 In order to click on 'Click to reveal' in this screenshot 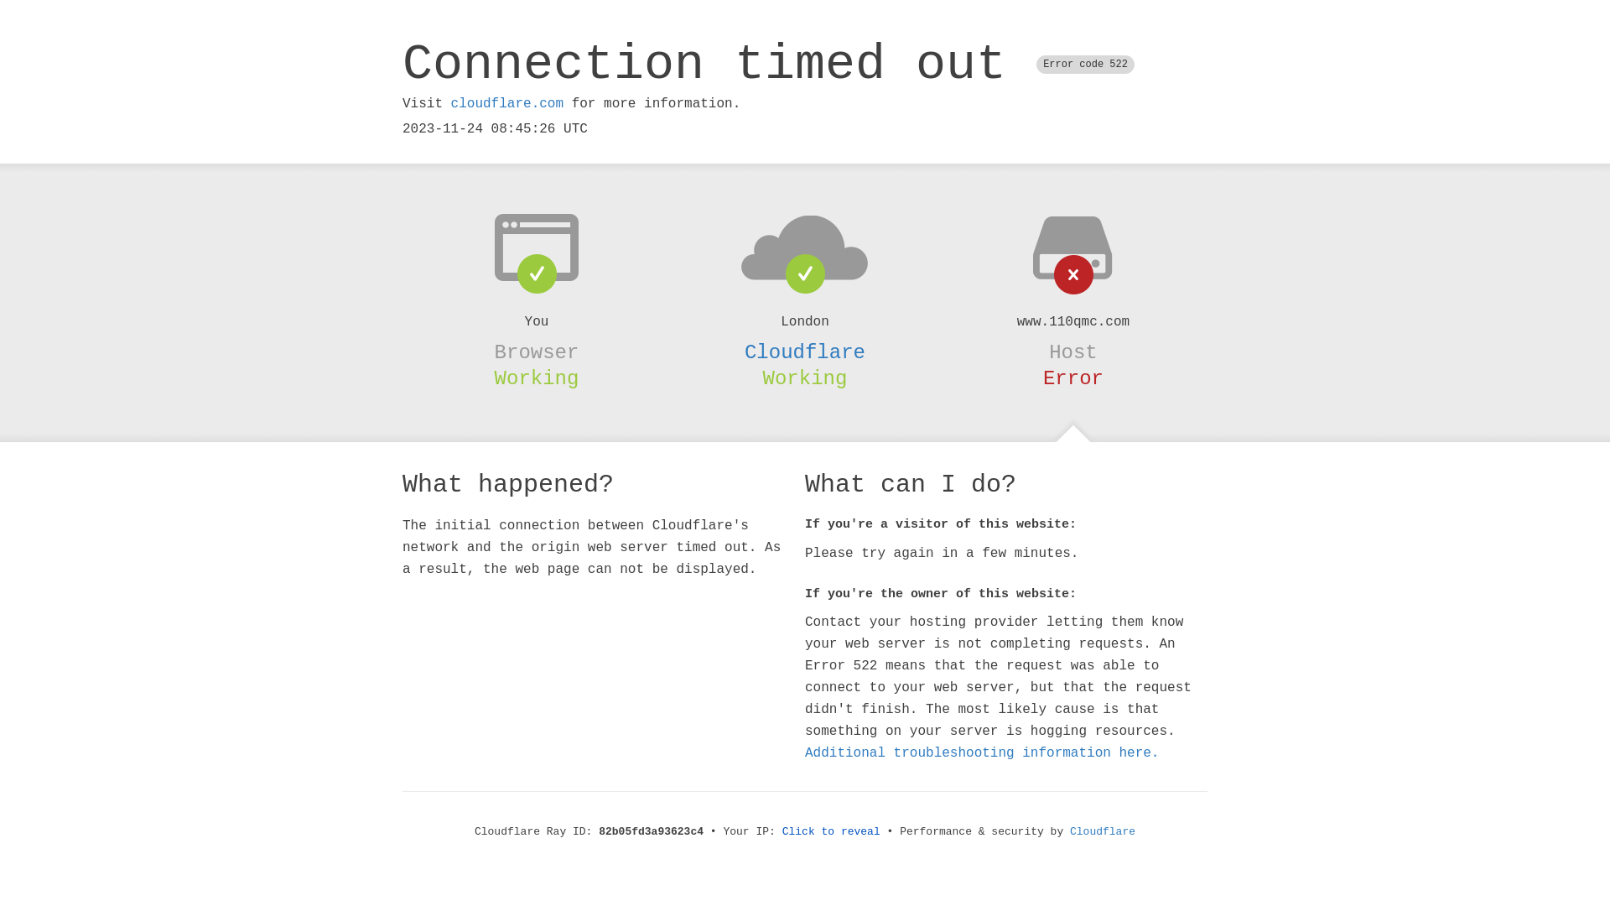, I will do `click(831, 831)`.